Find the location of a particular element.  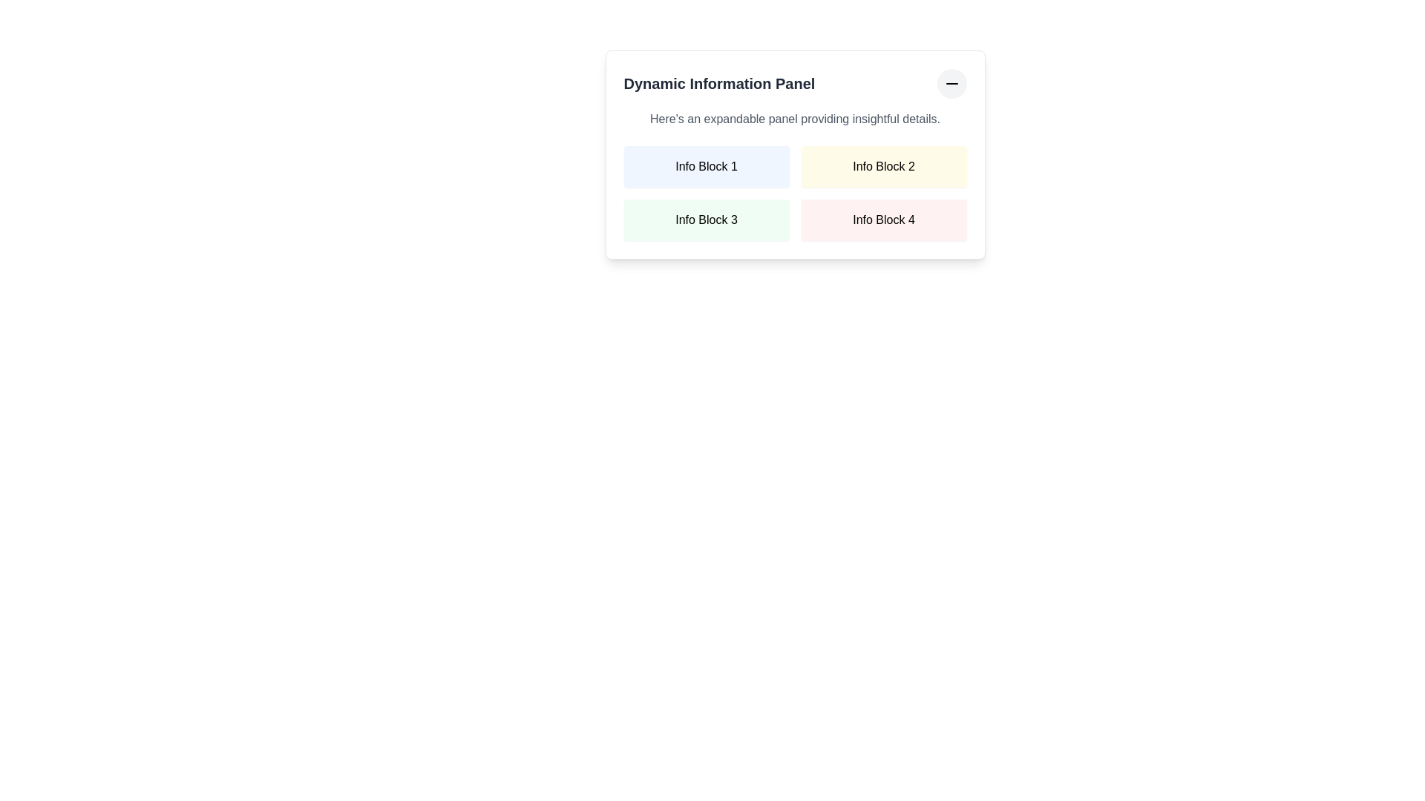

the static informational block located at the top-left of the grid under the 'Dynamic Information Panel' is located at coordinates (705, 166).